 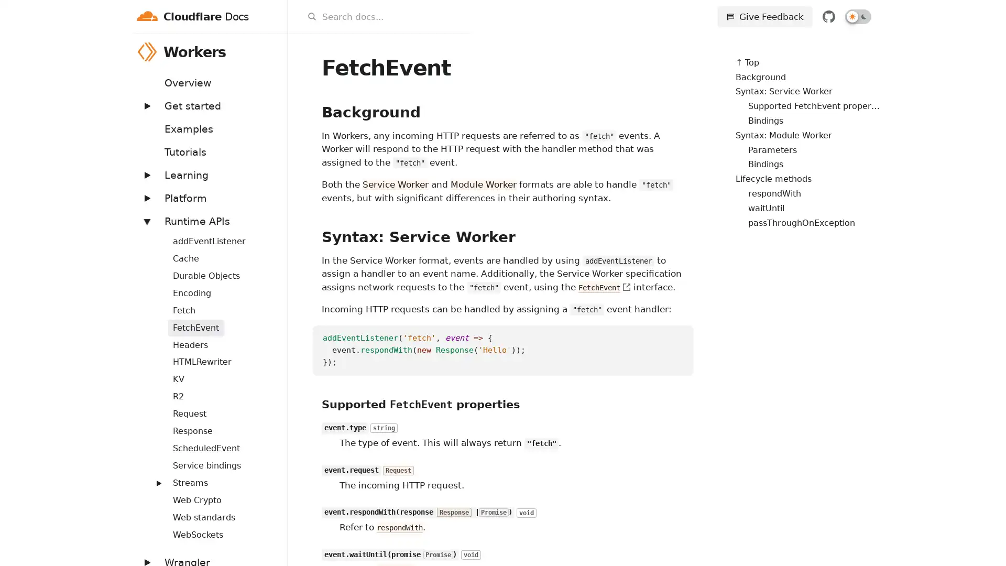 I want to click on Expand: Streams, so click(x=158, y=483).